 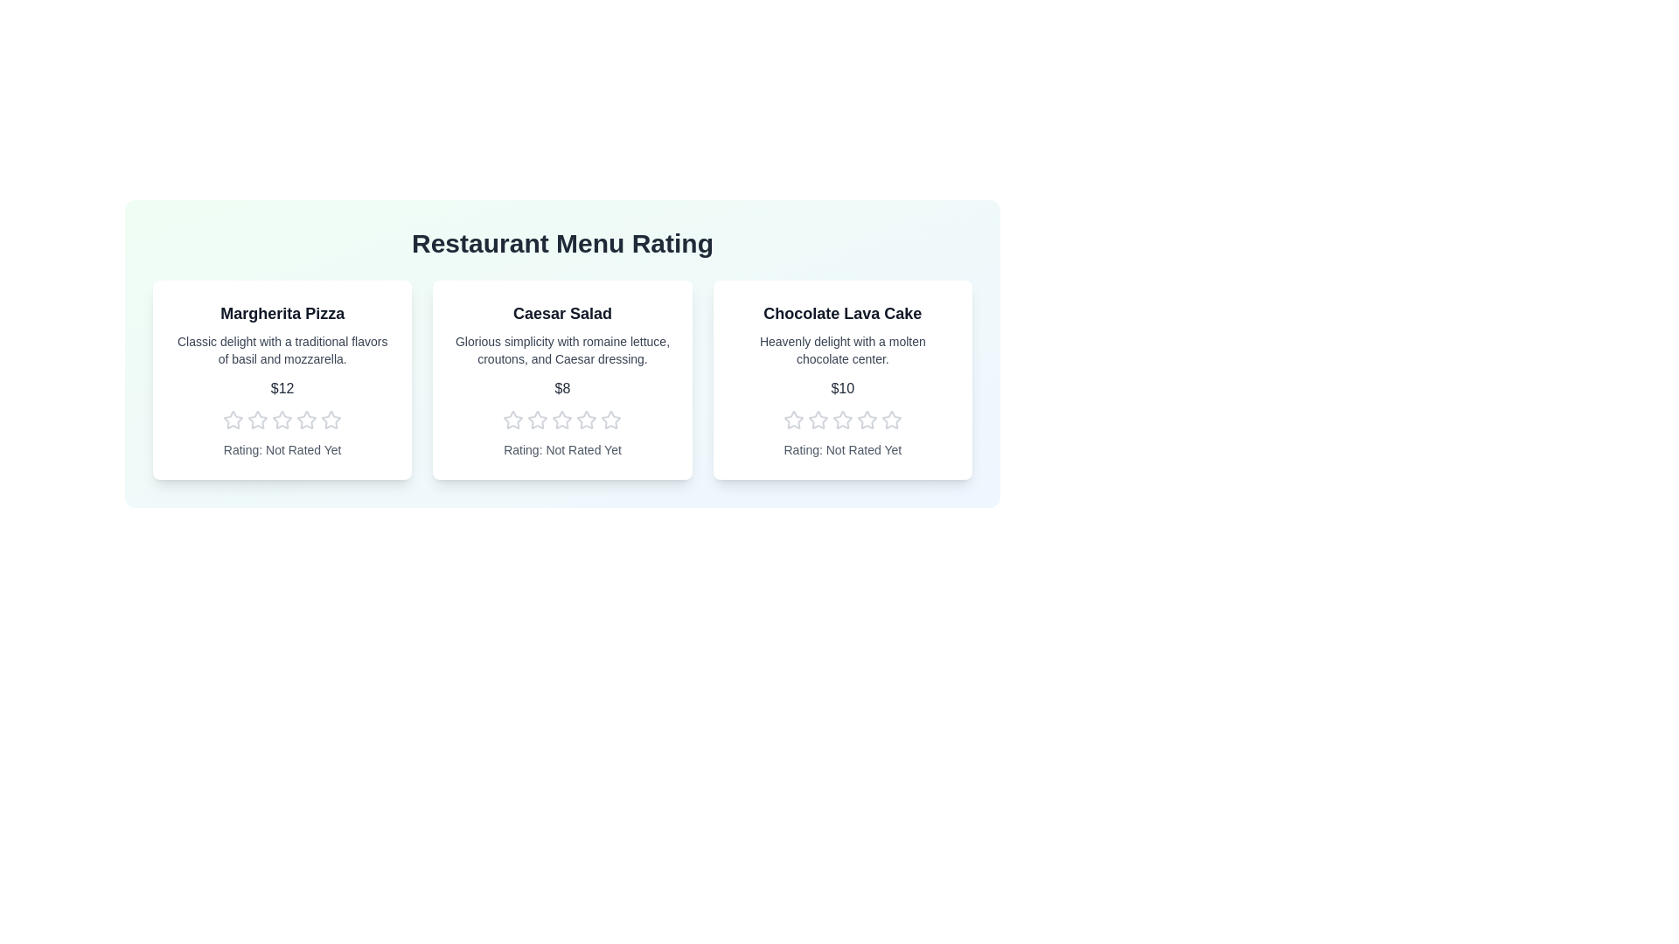 I want to click on the star corresponding to the desired rating 5 for the menu item Margherita Pizza, so click(x=331, y=420).